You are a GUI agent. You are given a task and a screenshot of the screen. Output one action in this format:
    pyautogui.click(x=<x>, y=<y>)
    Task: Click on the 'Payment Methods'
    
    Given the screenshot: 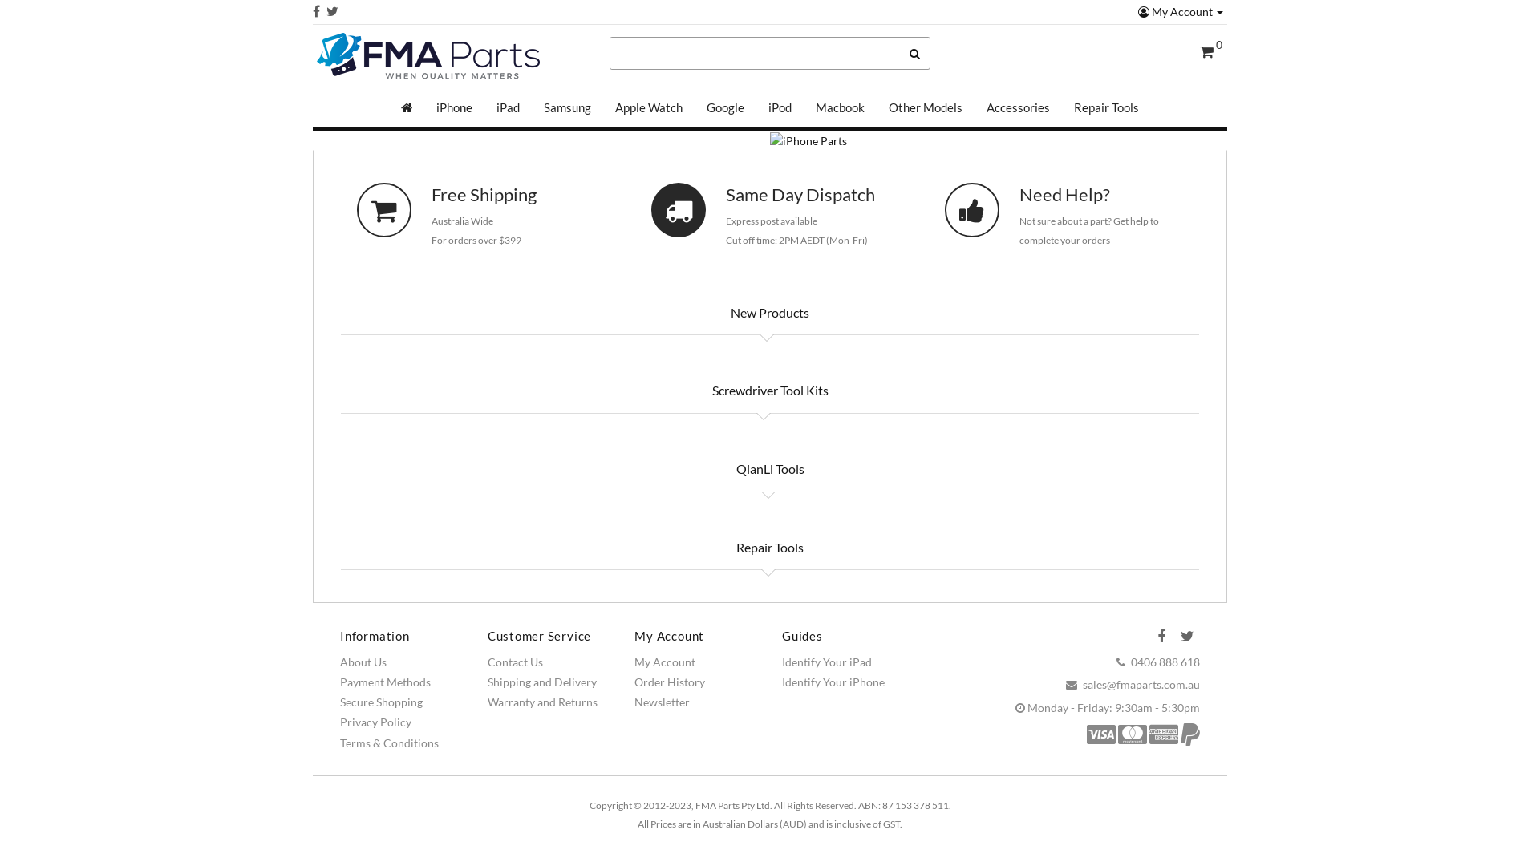 What is the action you would take?
    pyautogui.click(x=385, y=682)
    